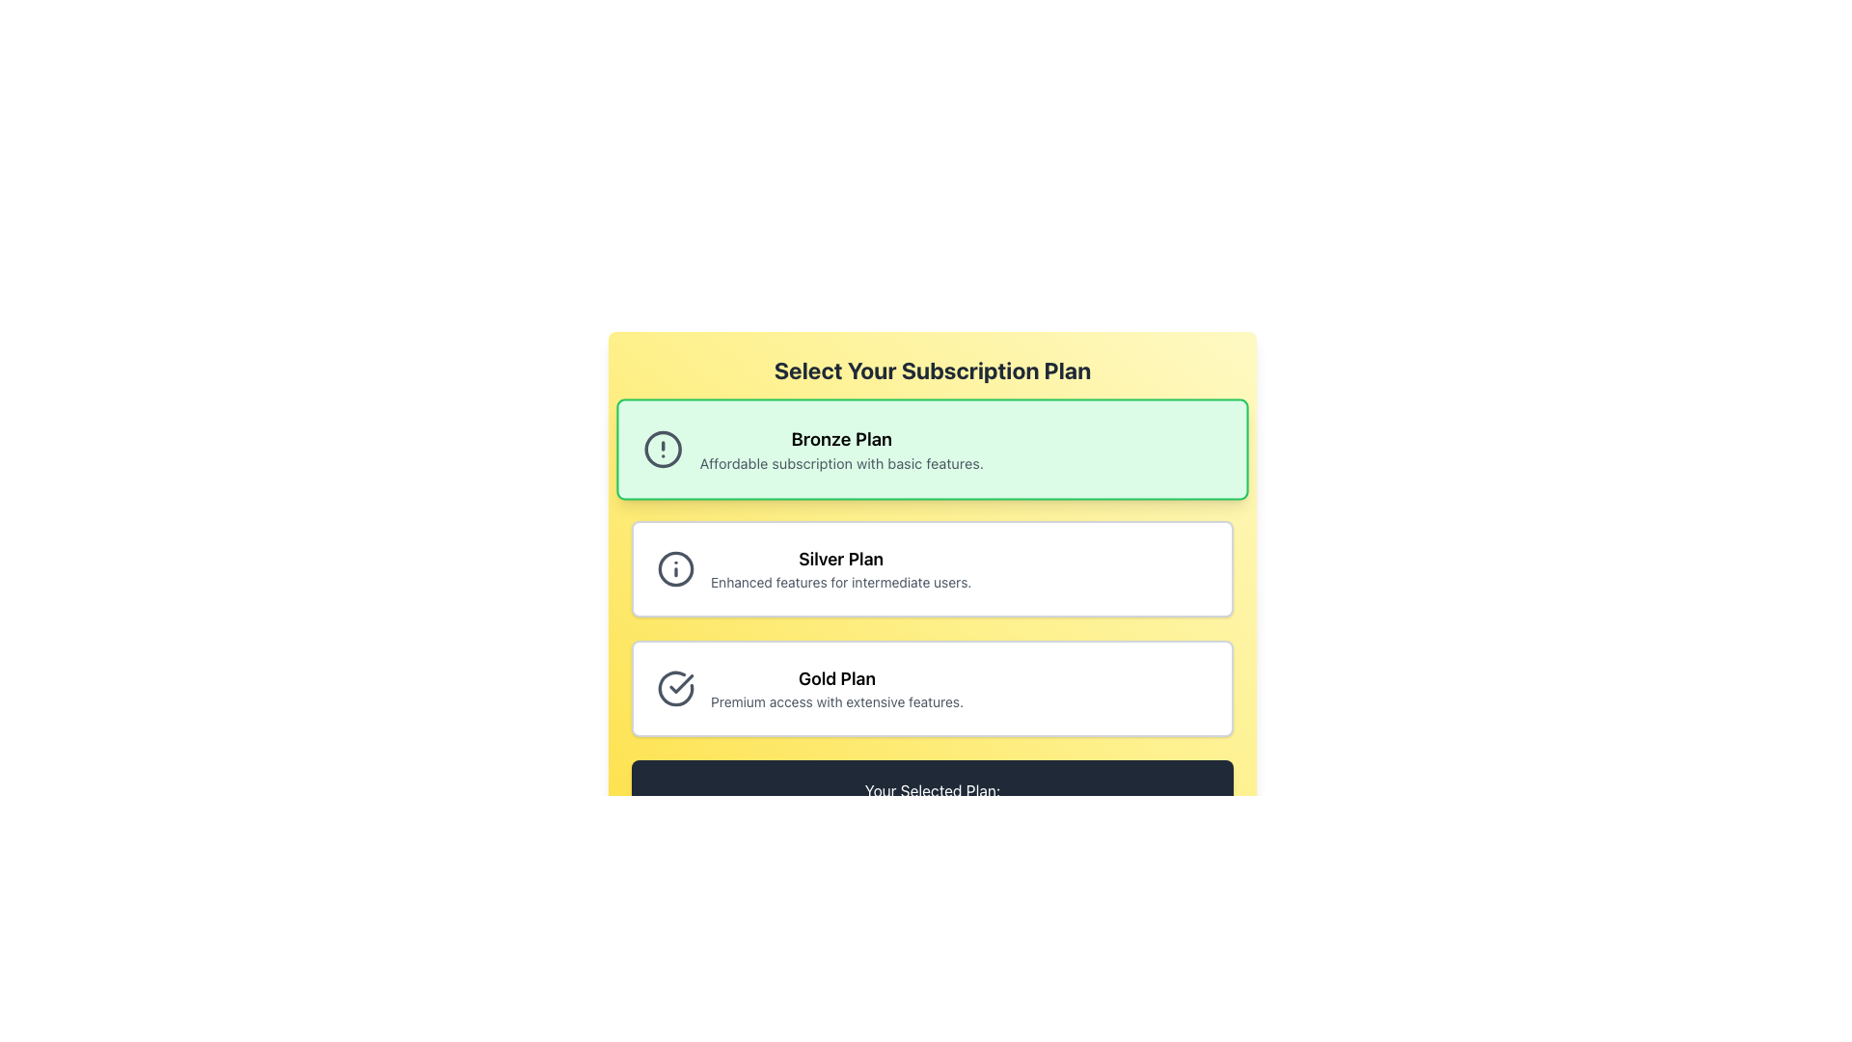 This screenshot has height=1042, width=1852. I want to click on the static text label that describes the features of the 'Silver Plan', located in the center-right area of its card, directly below the main title 'Silver Plan', so click(841, 582).